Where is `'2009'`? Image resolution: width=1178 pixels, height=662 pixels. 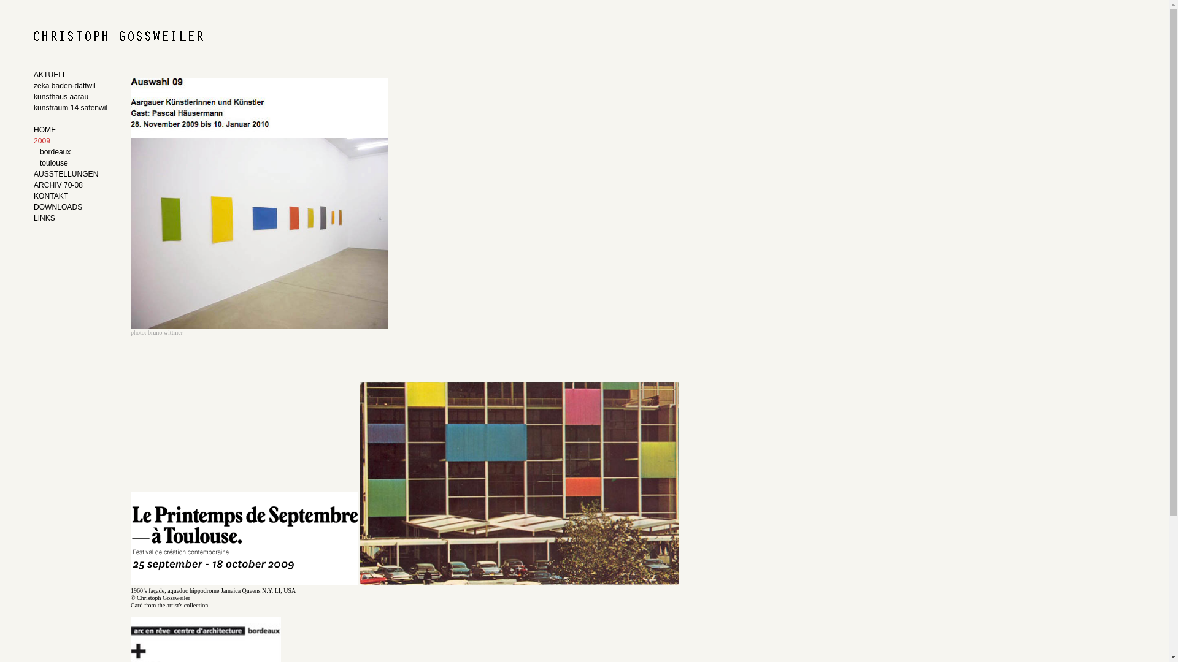 '2009' is located at coordinates (64, 141).